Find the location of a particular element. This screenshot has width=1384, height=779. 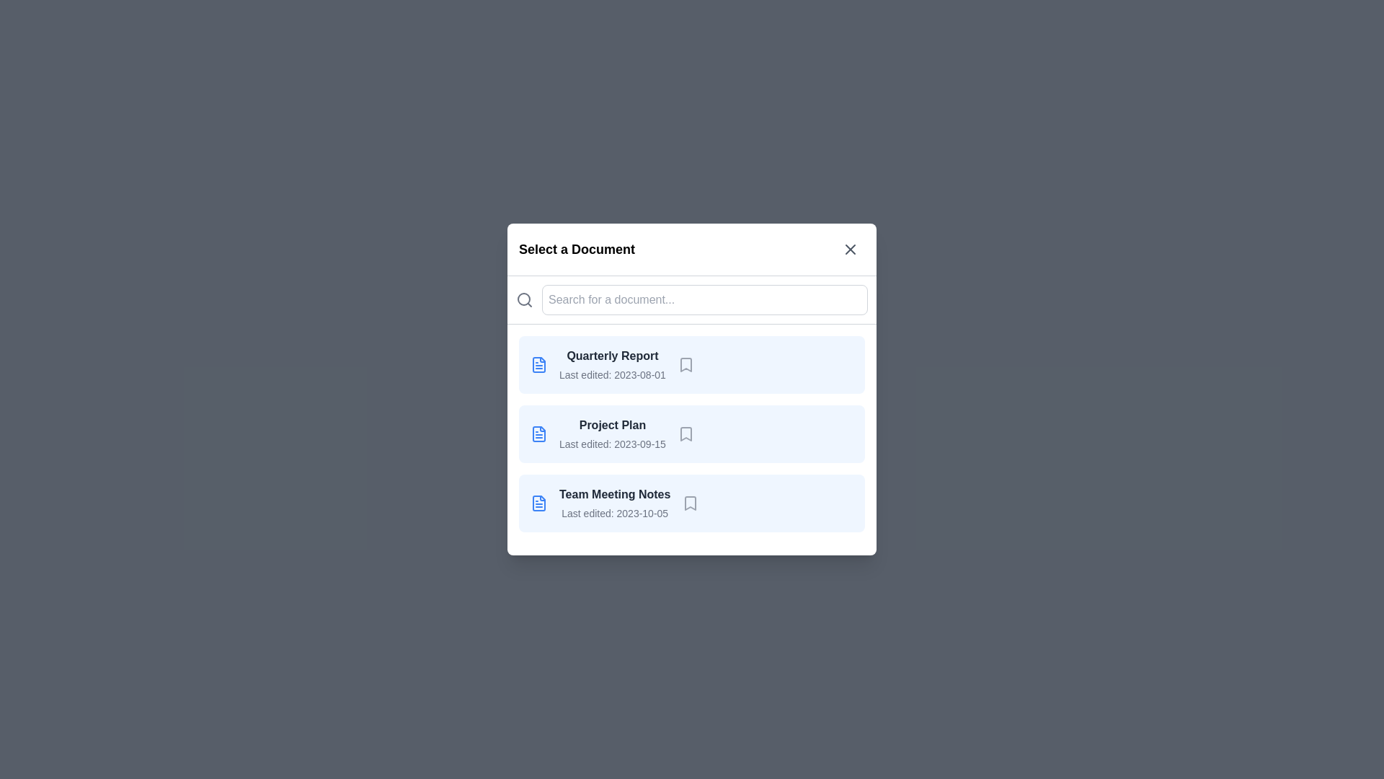

the document titled Quarterly Report from the list is located at coordinates (692, 364).